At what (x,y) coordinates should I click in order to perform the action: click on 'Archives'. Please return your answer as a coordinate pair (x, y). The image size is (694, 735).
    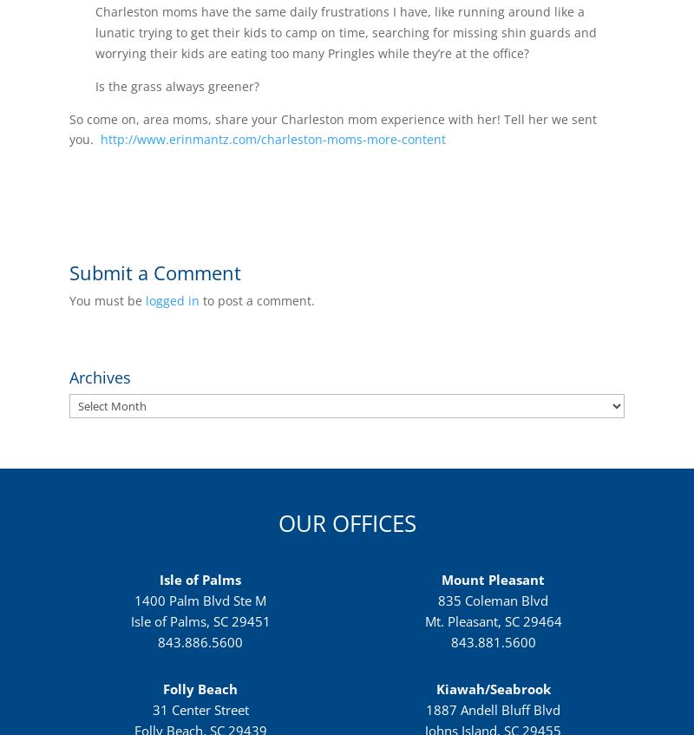
    Looking at the image, I should click on (69, 377).